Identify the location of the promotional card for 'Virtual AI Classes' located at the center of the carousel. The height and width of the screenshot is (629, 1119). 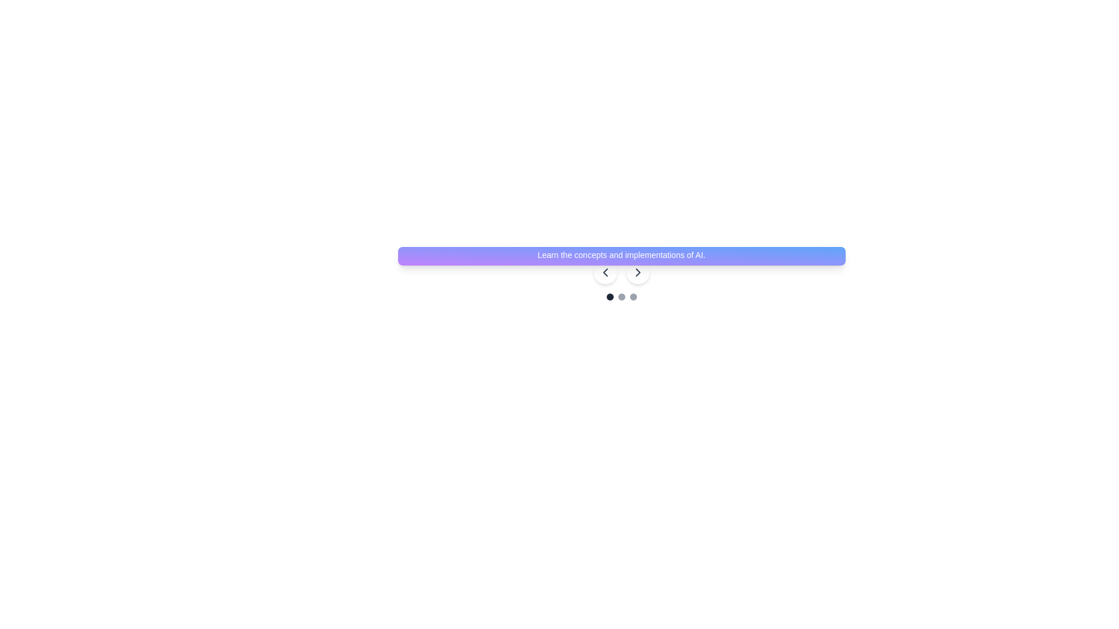
(621, 255).